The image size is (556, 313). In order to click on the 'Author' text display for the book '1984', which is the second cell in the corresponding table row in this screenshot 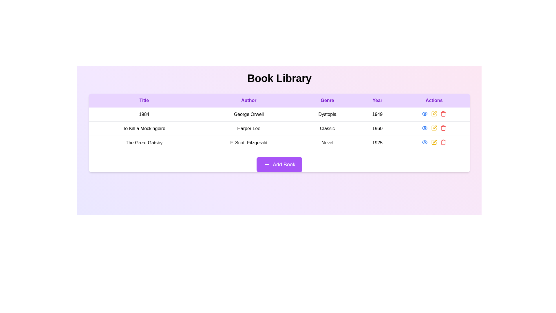, I will do `click(249, 114)`.